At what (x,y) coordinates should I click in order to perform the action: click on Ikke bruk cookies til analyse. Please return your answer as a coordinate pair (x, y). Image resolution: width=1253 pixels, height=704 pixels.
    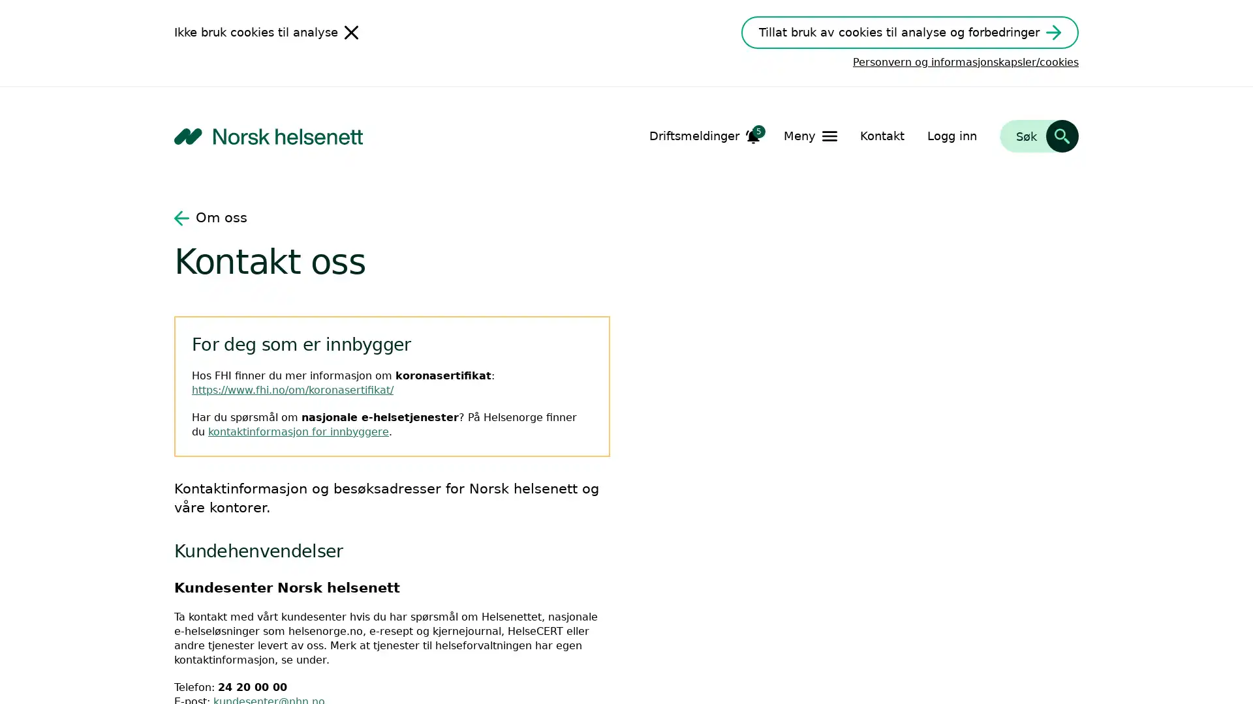
    Looking at the image, I should click on (266, 32).